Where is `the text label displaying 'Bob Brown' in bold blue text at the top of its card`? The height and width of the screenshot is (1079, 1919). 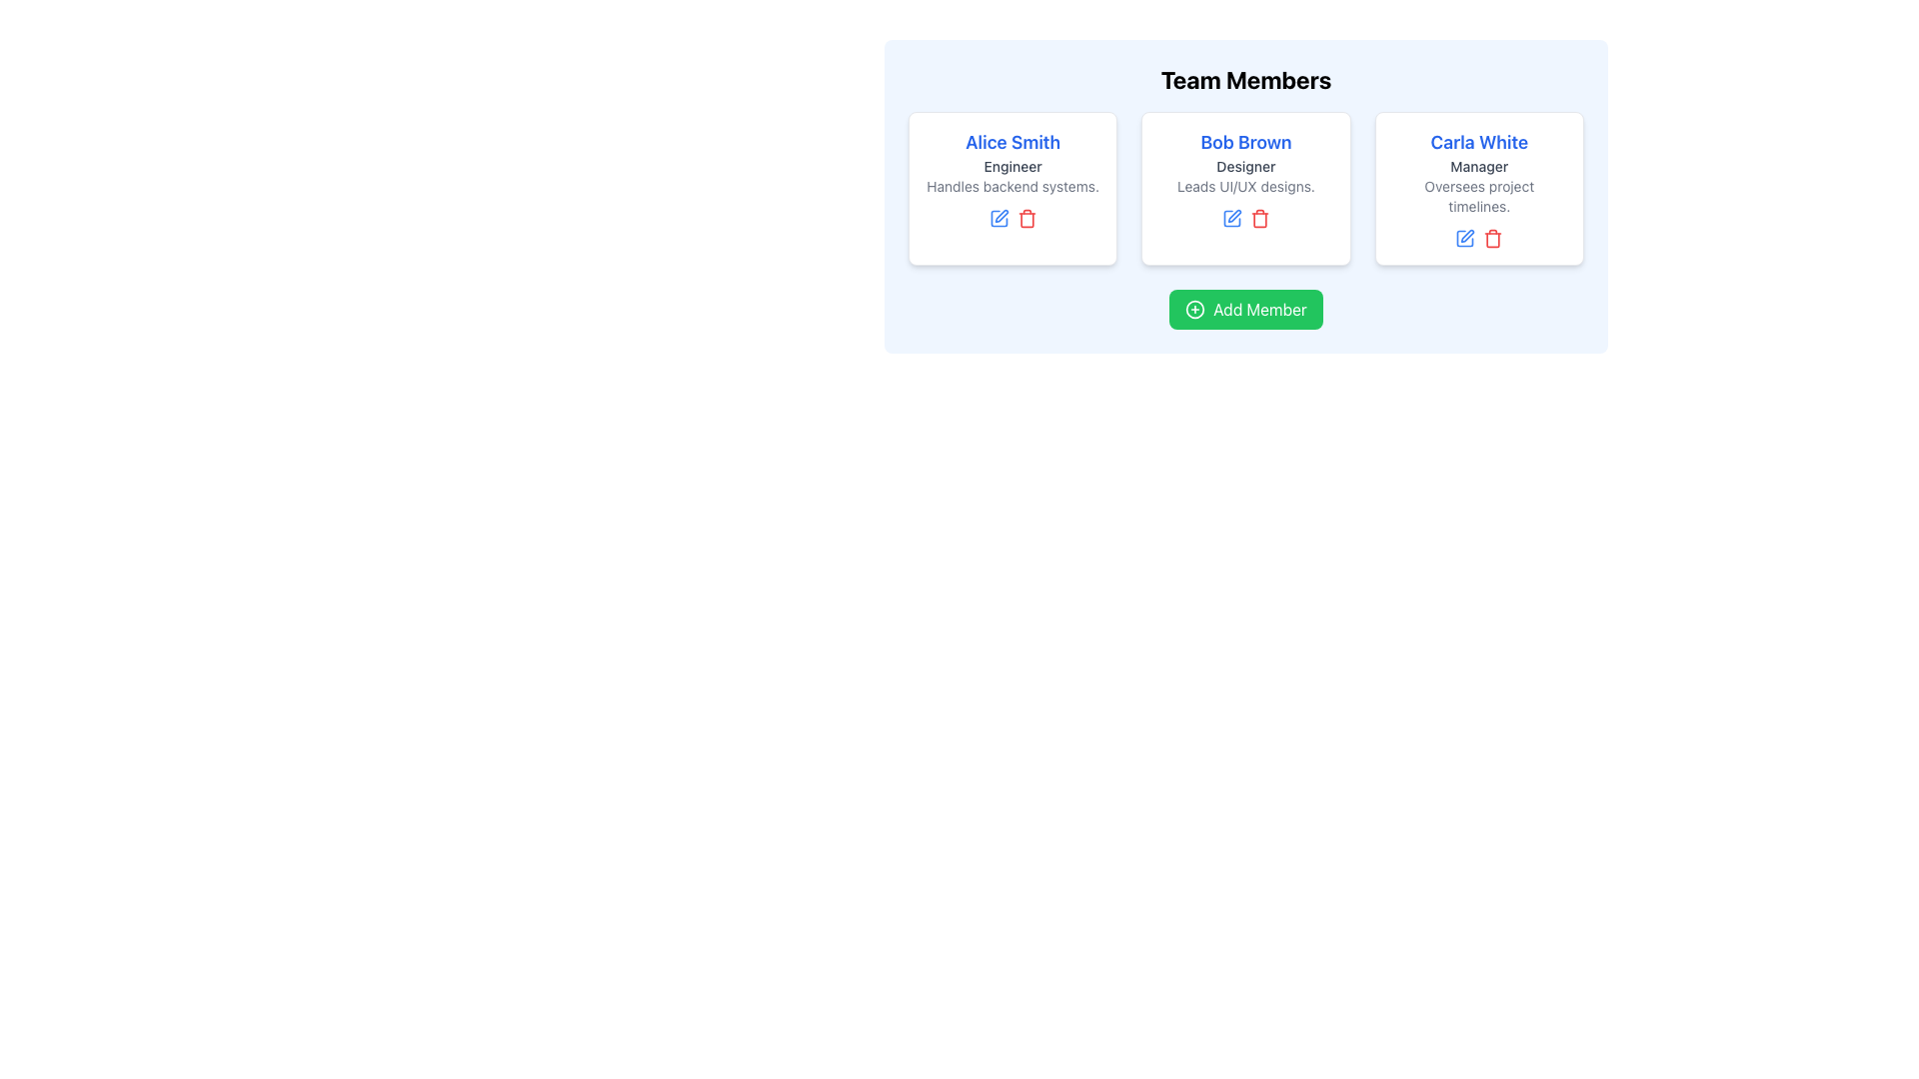
the text label displaying 'Bob Brown' in bold blue text at the top of its card is located at coordinates (1245, 141).